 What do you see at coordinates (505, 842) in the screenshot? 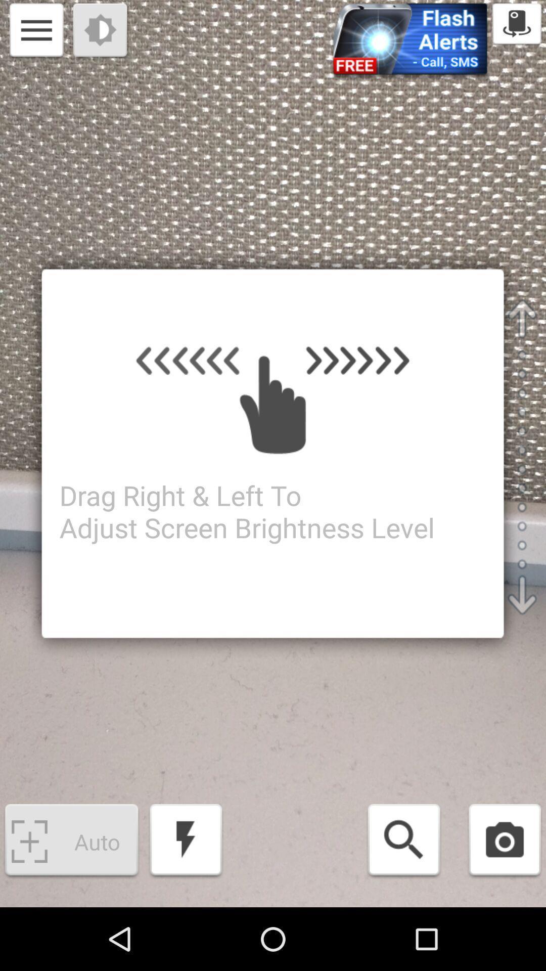
I see `open camera` at bounding box center [505, 842].